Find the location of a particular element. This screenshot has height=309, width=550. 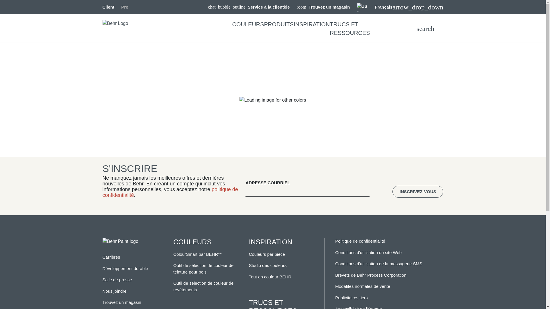

'Pro' is located at coordinates (124, 7).